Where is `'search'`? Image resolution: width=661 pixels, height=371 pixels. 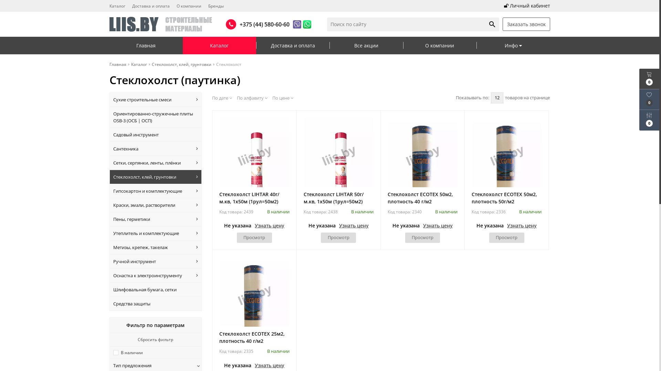
'search' is located at coordinates (492, 23).